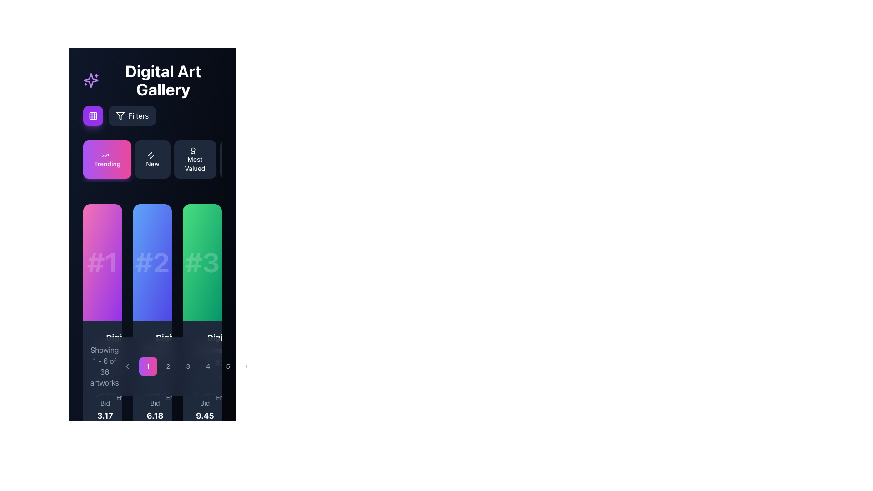  What do you see at coordinates (93, 115) in the screenshot?
I see `the grid-like icon button with a purple background and white grid illustration, located at the upper button group adjacent to the 'Filters' button` at bounding box center [93, 115].